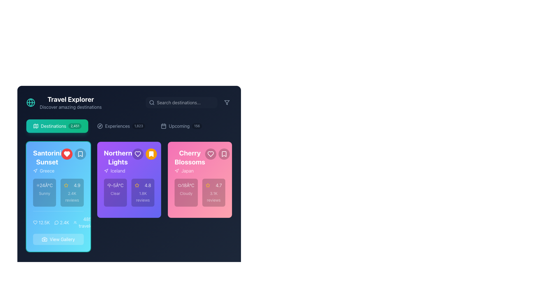  Describe the element at coordinates (64, 222) in the screenshot. I see `the text label '2.4K' displayed in white on a light blue background, located at the bottom-left corner of the 'Santorini Sunset' card` at that location.